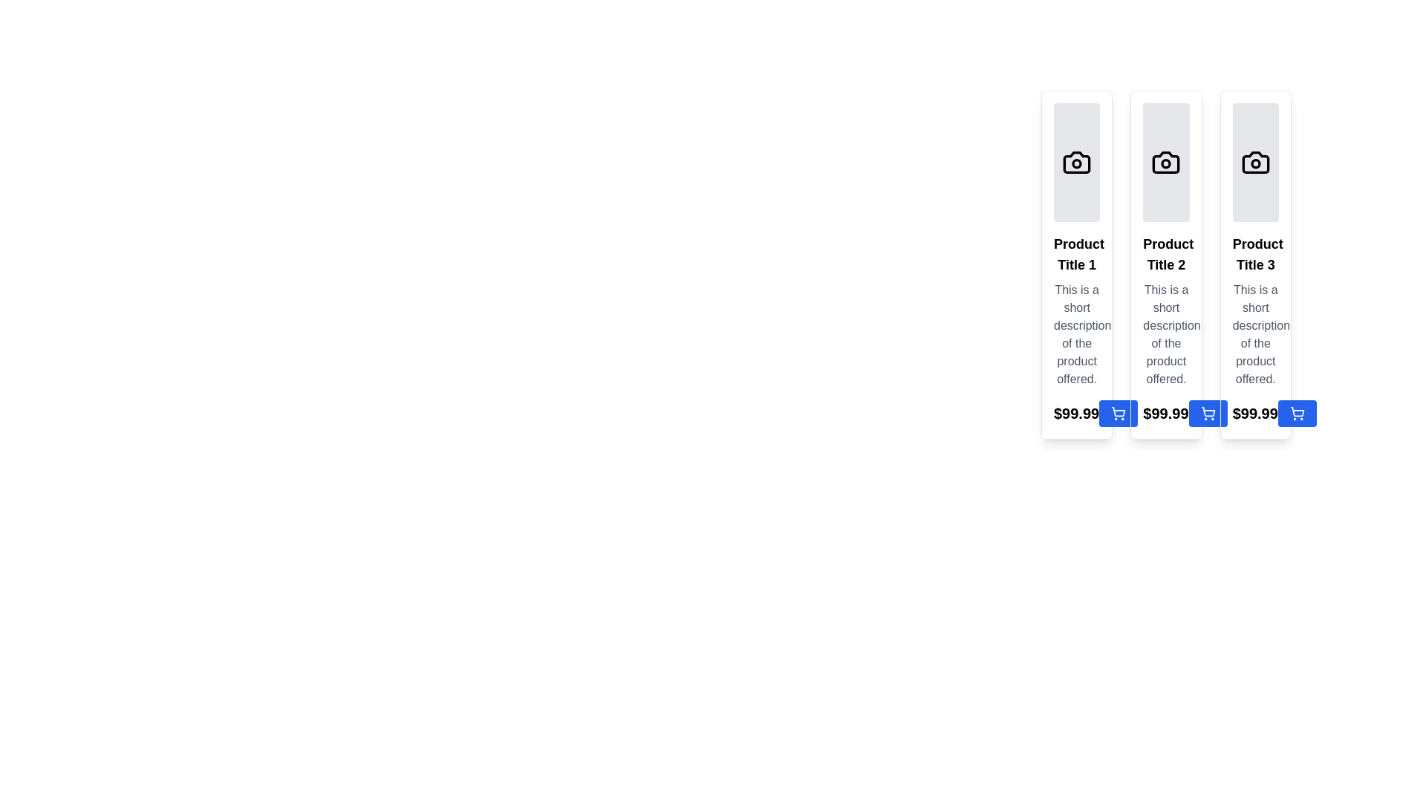 This screenshot has height=802, width=1426. I want to click on the blue rectangular button with rounded corners containing a white shopping cart icon, located at the bottom-right corner of the card for Product Title 3, so click(1208, 413).